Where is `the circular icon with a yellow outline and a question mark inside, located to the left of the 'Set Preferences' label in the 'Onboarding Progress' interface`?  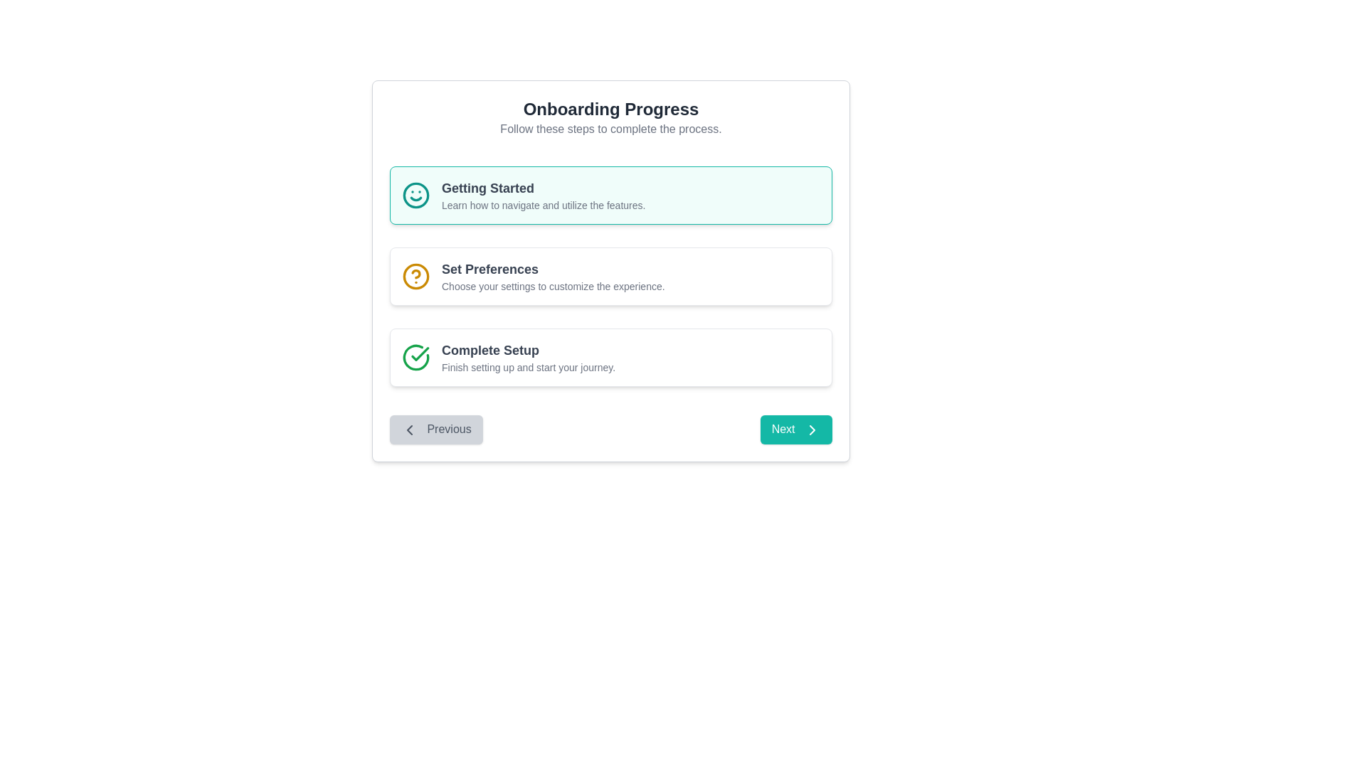
the circular icon with a yellow outline and a question mark inside, located to the left of the 'Set Preferences' label in the 'Onboarding Progress' interface is located at coordinates (415, 277).